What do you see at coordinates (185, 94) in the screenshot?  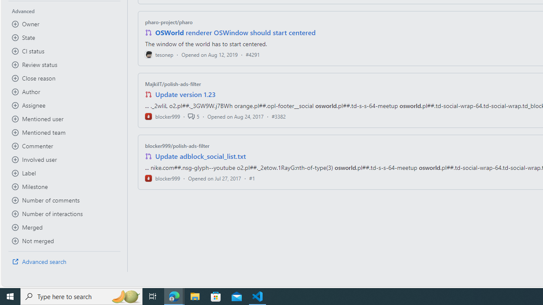 I see `'Update version 1.23'` at bounding box center [185, 94].